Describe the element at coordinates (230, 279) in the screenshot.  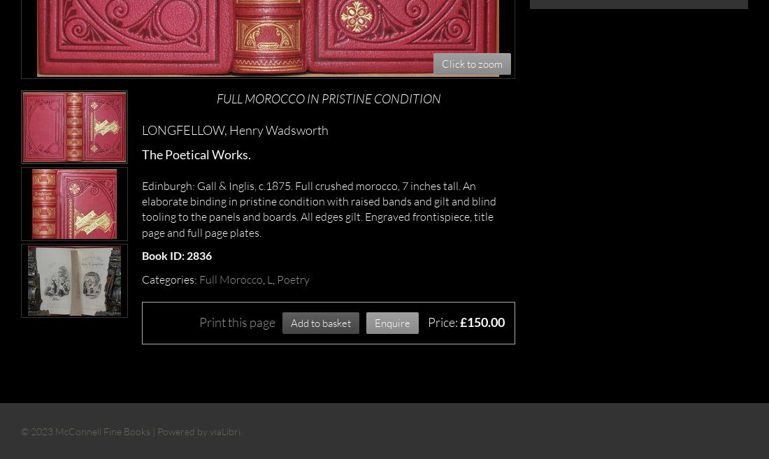
I see `'Full Morocco'` at that location.